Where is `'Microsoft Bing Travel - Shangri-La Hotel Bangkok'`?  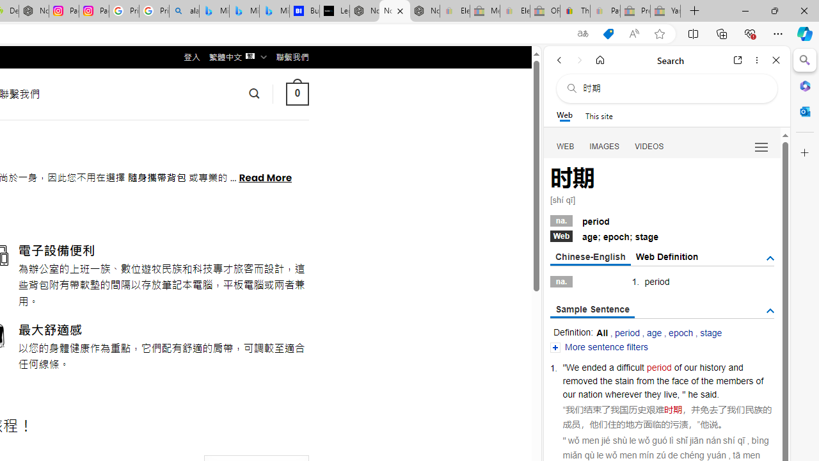 'Microsoft Bing Travel - Shangri-La Hotel Bangkok' is located at coordinates (273, 11).